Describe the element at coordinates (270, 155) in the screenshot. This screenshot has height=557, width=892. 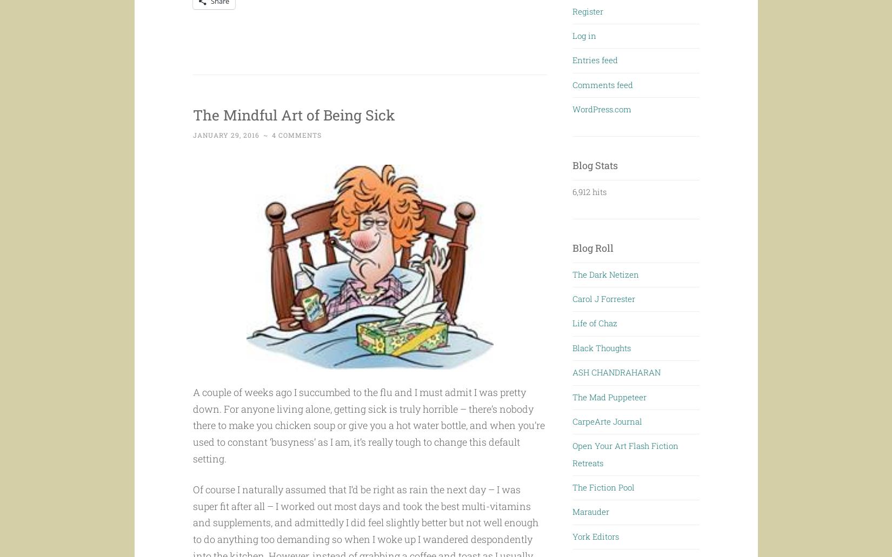
I see `'4 Comments'` at that location.